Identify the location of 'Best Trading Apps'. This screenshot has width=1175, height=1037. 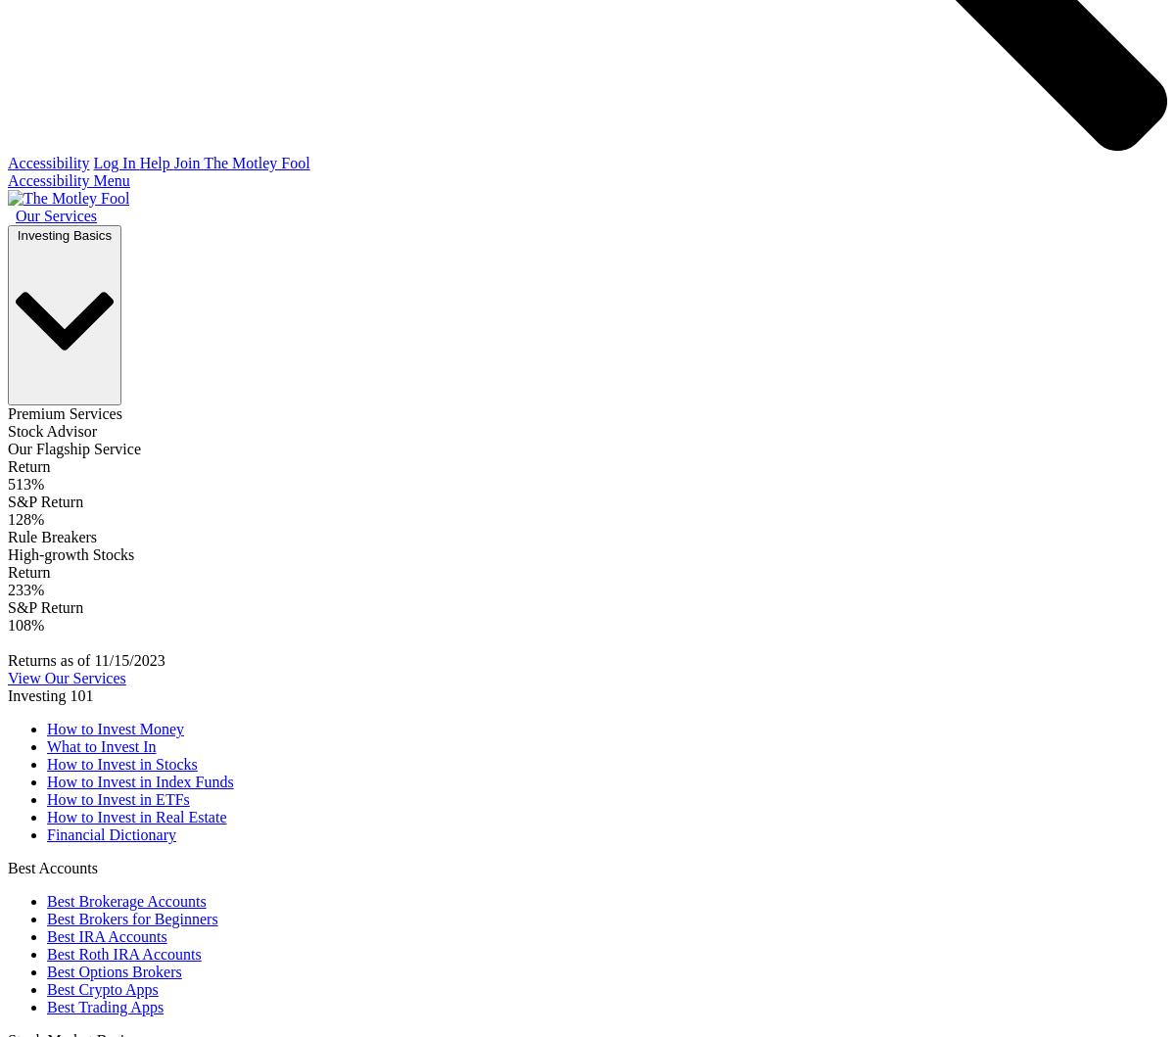
(105, 1006).